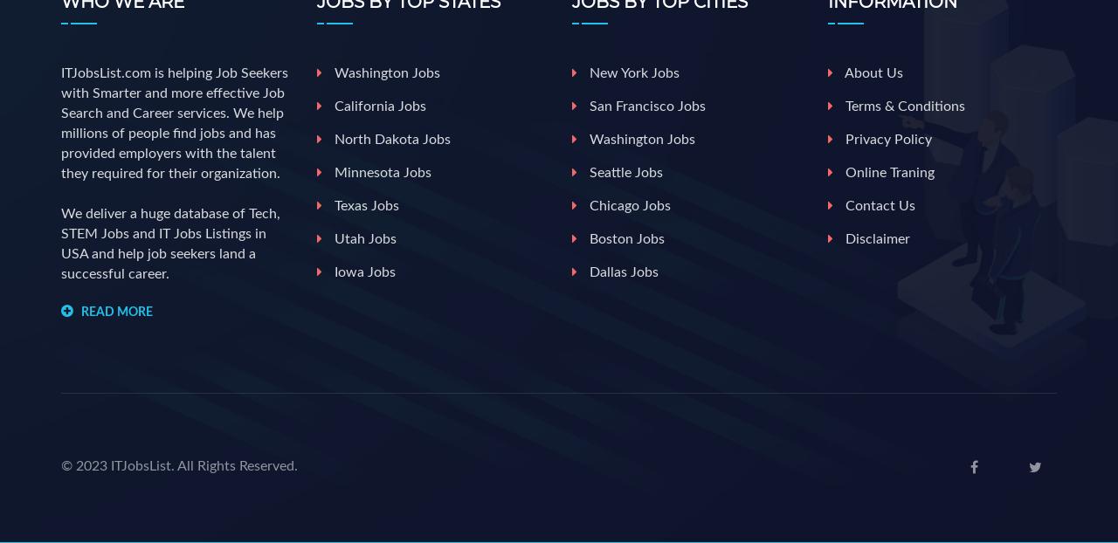 This screenshot has width=1118, height=543. Describe the element at coordinates (585, 238) in the screenshot. I see `'Boston jobs'` at that location.